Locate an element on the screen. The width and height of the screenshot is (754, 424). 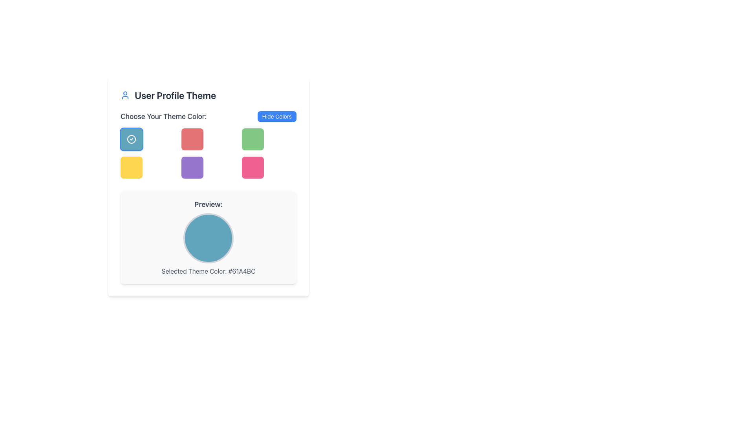
the button in the second row, first column of the three-by-three grid for choosing a theme color is located at coordinates (132, 167).